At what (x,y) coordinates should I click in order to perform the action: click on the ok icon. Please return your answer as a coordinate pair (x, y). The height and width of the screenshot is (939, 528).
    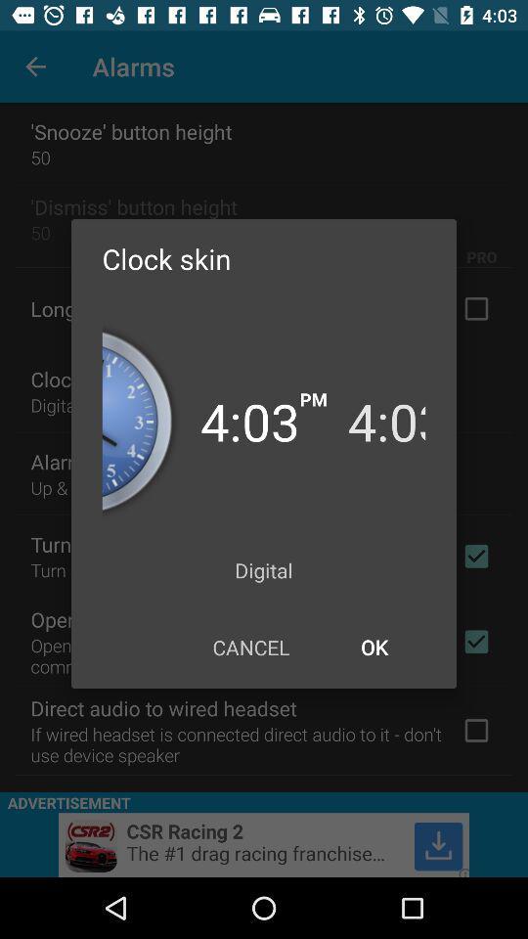
    Looking at the image, I should click on (374, 647).